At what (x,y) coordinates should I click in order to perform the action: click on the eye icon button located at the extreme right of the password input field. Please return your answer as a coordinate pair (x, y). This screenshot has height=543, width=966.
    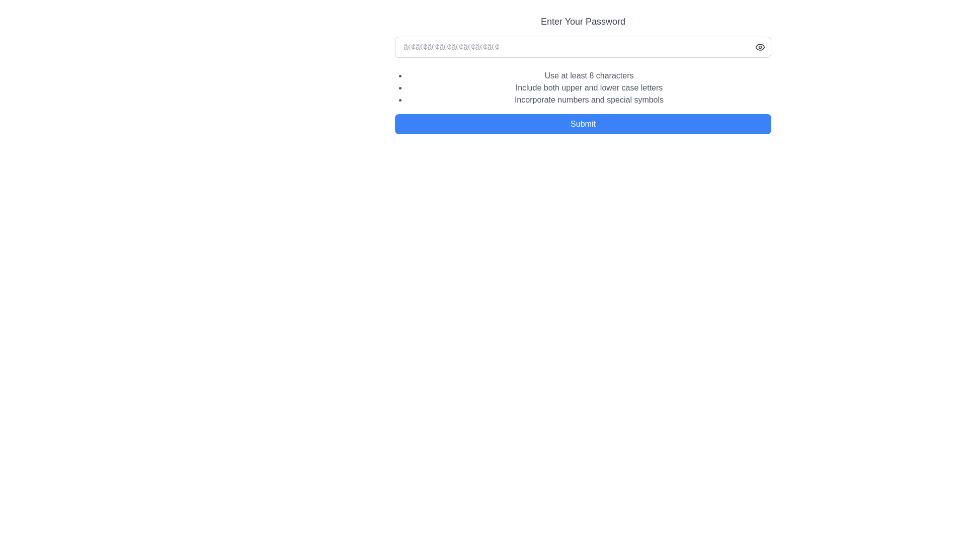
    Looking at the image, I should click on (760, 47).